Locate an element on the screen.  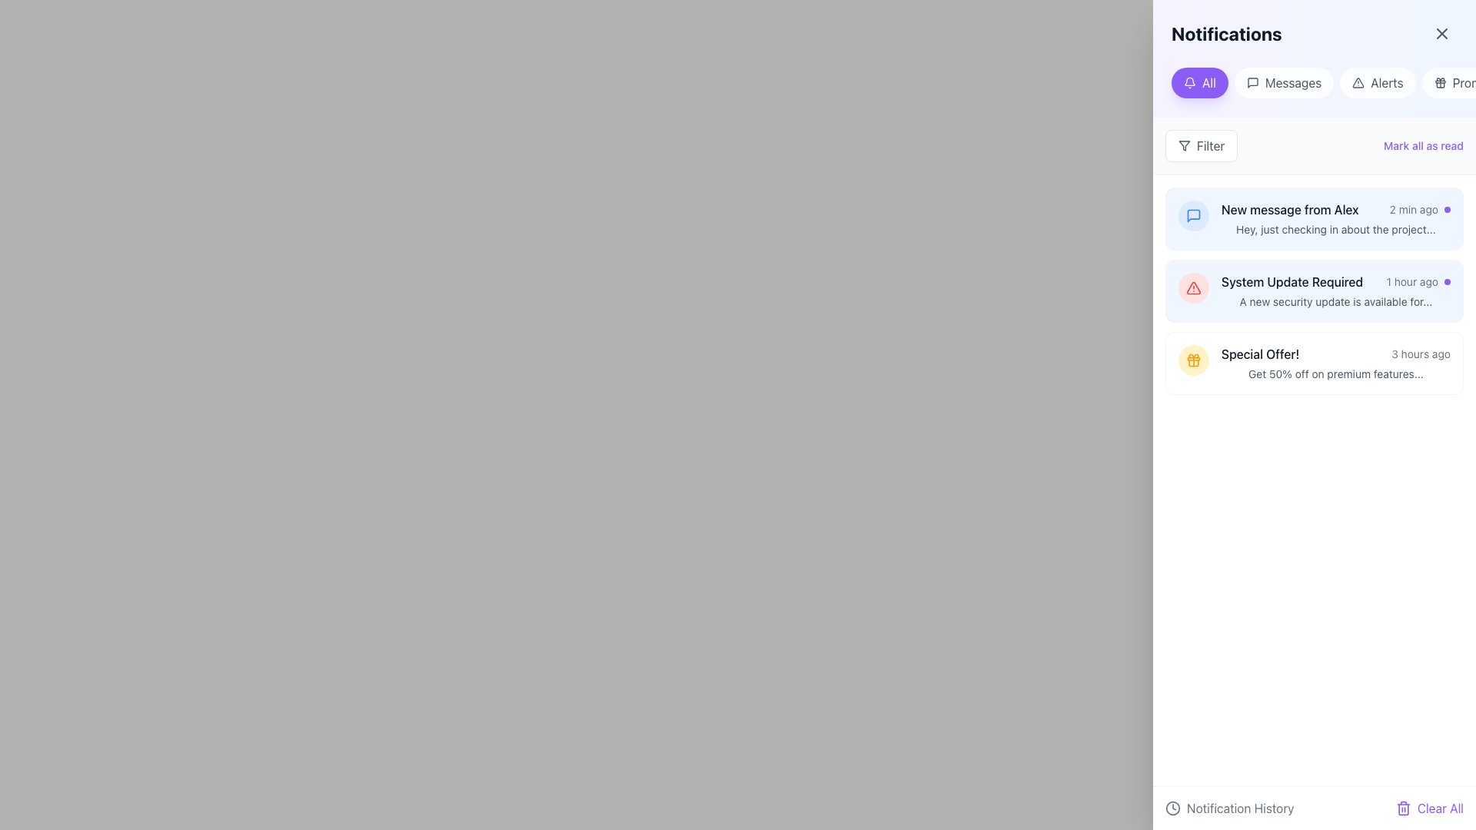
the small gray outlined push pin icon in the Notifications sidebar, located to the right of the text 'New message from Alex' is located at coordinates (1407, 219).